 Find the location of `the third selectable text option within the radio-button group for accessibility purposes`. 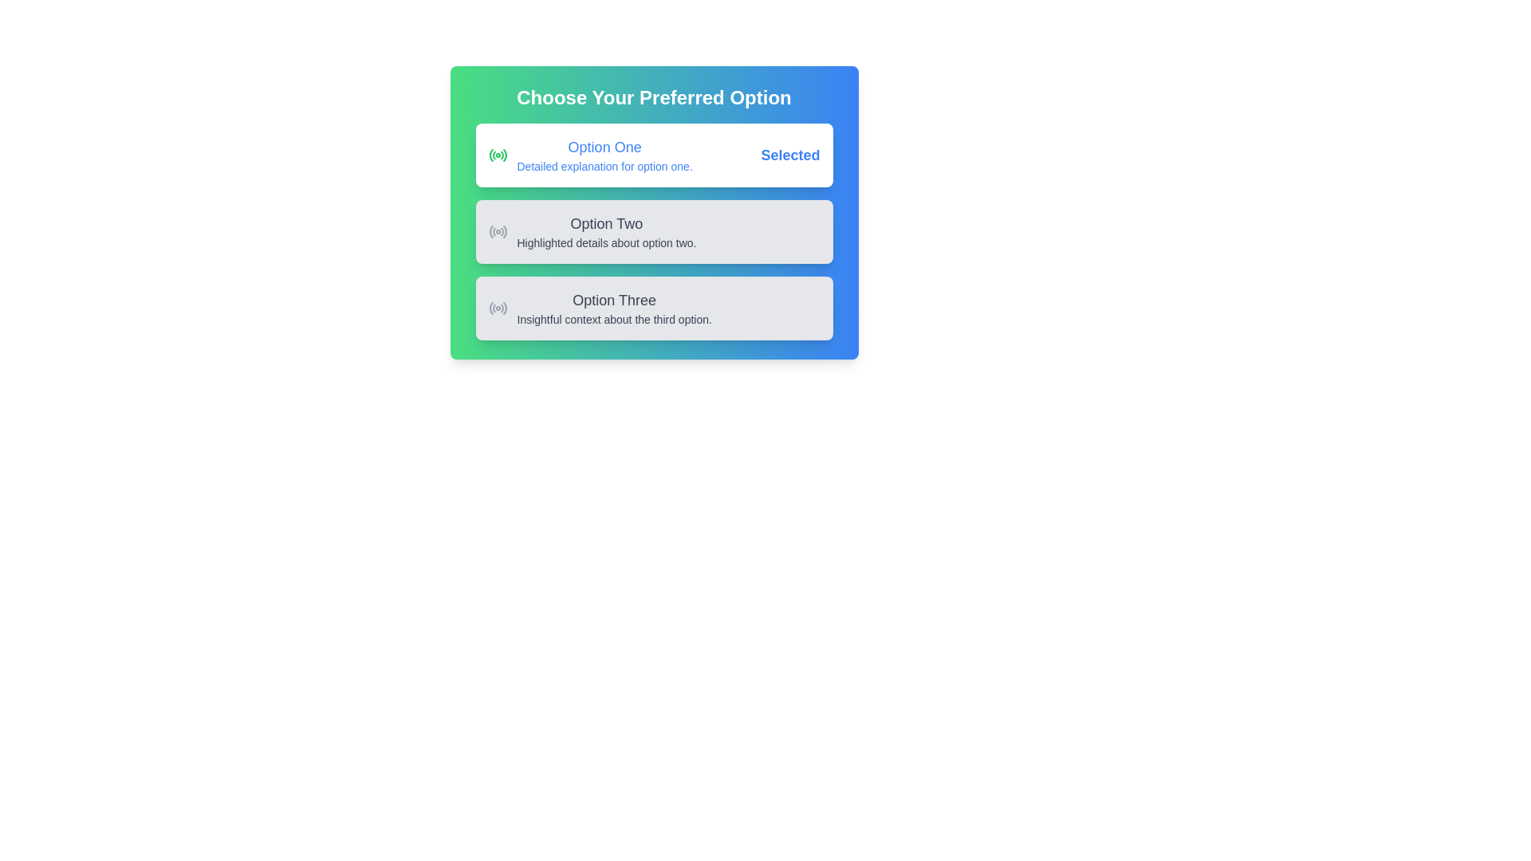

the third selectable text option within the radio-button group for accessibility purposes is located at coordinates (613, 308).